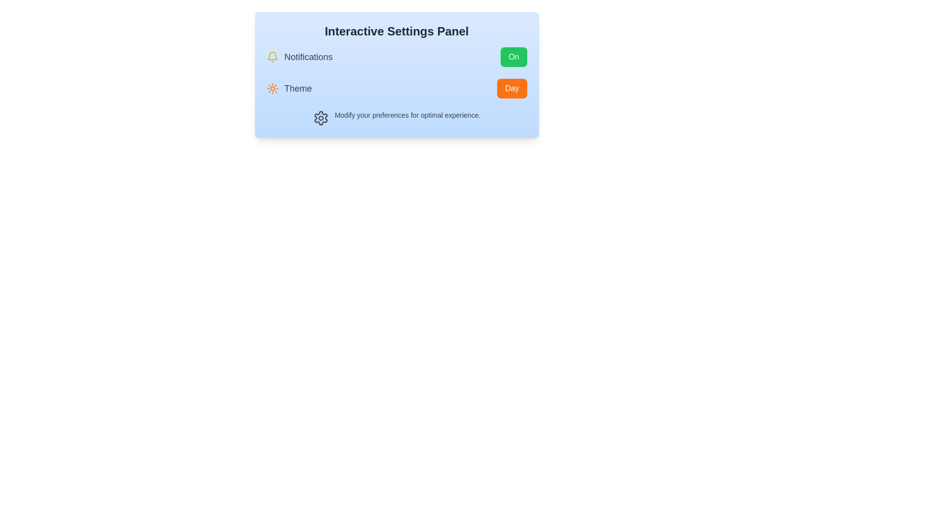 This screenshot has height=532, width=947. I want to click on the bell-shaped yellow icon representing Notifications in the Interactive Settings Panel, which is positioned next to the text label 'Notifications', so click(272, 57).